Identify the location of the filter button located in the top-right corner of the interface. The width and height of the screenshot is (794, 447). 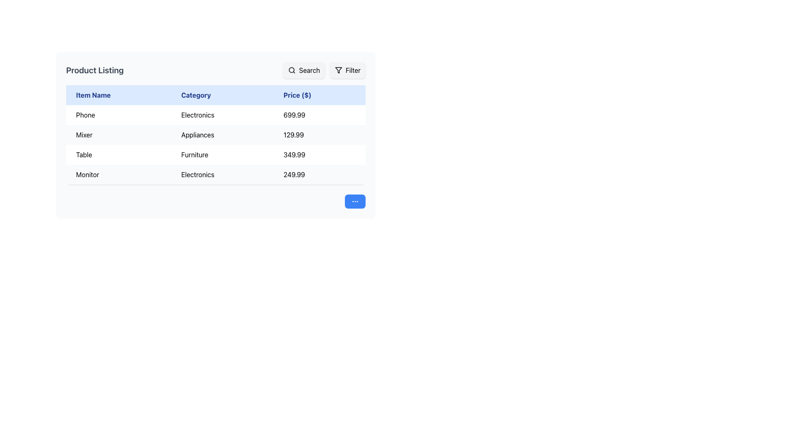
(347, 70).